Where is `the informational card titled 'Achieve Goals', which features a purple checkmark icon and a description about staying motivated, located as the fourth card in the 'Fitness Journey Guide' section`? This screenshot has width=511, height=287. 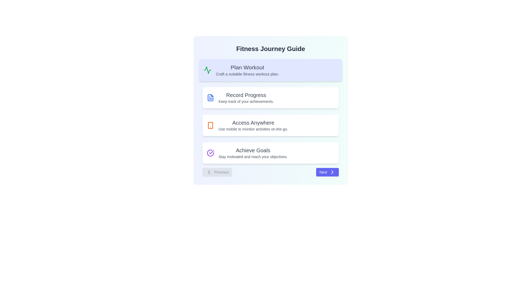
the informational card titled 'Achieve Goals', which features a purple checkmark icon and a description about staying motivated, located as the fourth card in the 'Fitness Journey Guide' section is located at coordinates (271, 153).